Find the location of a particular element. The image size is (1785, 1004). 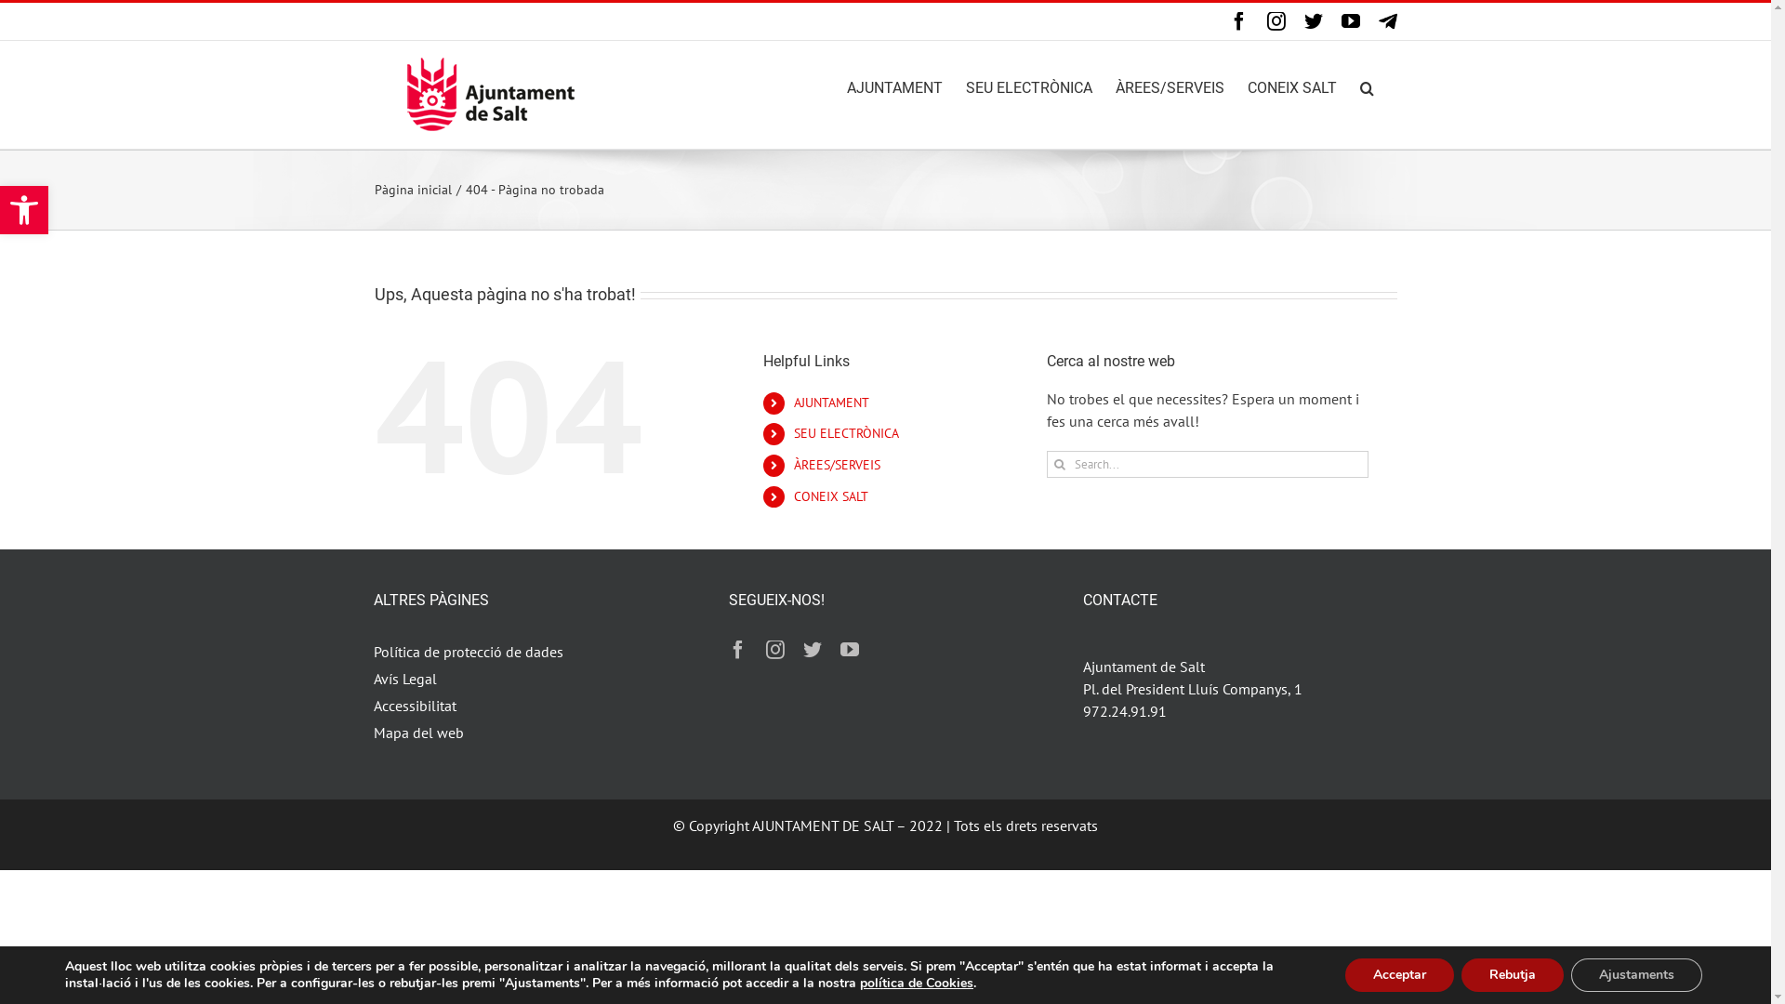

'YouTube' is located at coordinates (1350, 21).